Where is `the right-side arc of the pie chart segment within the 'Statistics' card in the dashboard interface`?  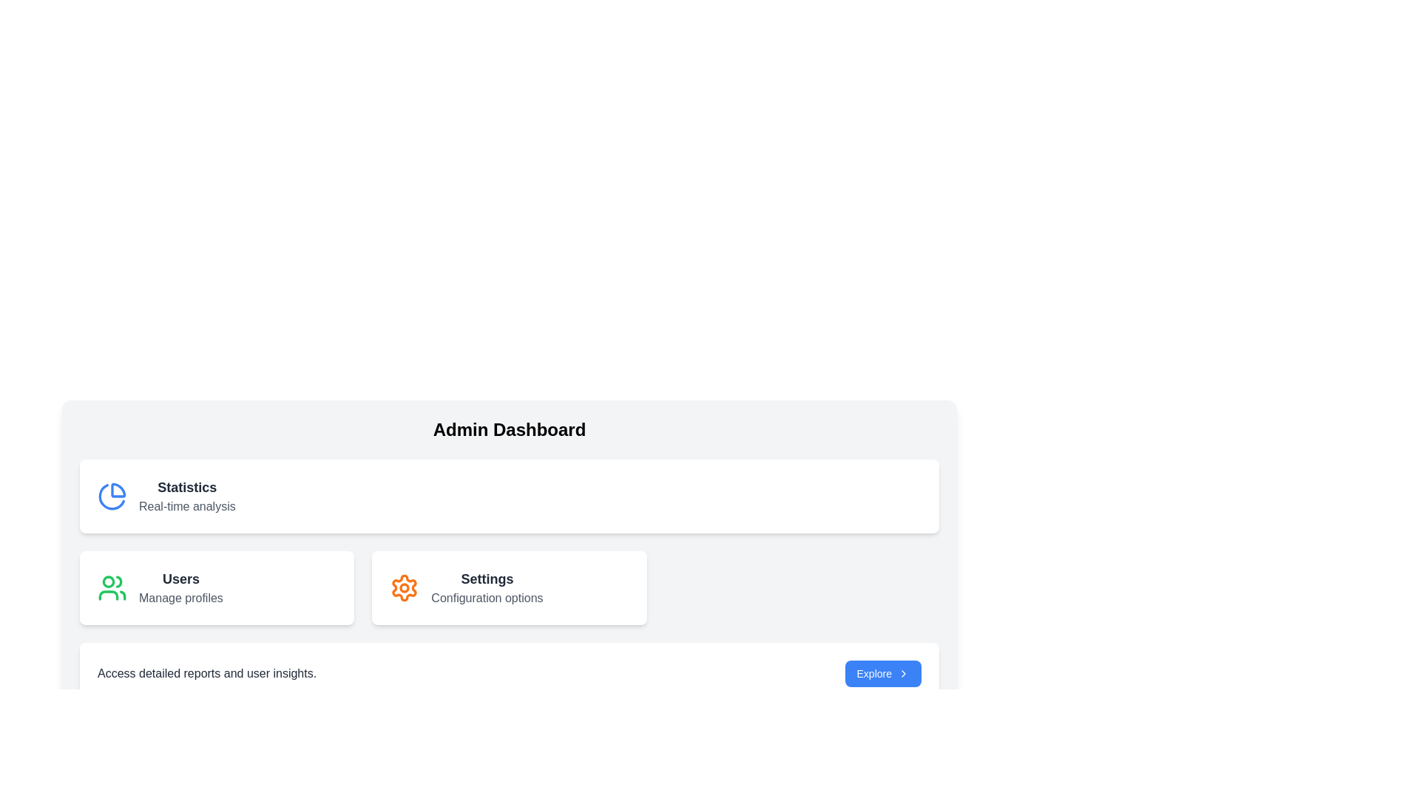
the right-side arc of the pie chart segment within the 'Statistics' card in the dashboard interface is located at coordinates (118, 490).